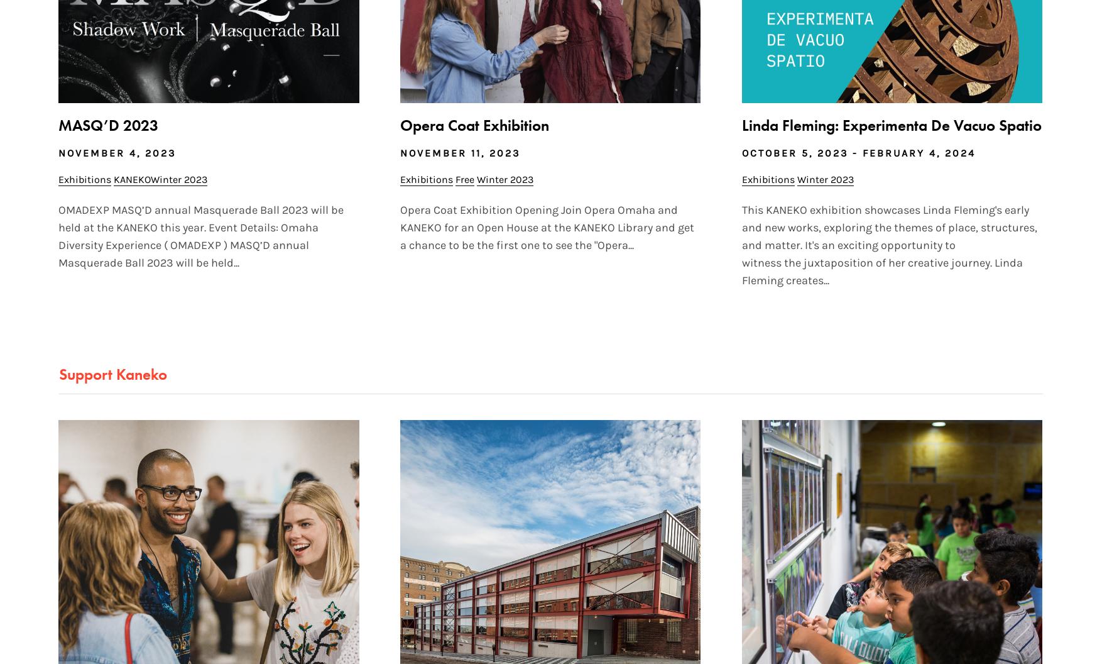 This screenshot has height=664, width=1102. Describe the element at coordinates (858, 152) in the screenshot. I see `'October 5, 2023                 	
		                     -  February 4, 2024'` at that location.